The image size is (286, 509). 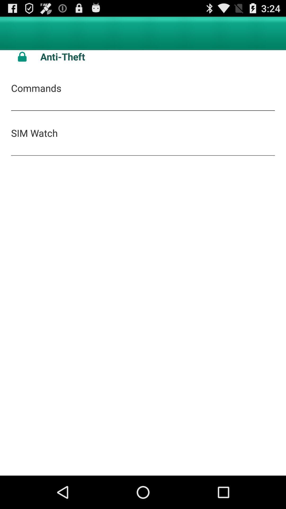 What do you see at coordinates (157, 56) in the screenshot?
I see `icon above the commands icon` at bounding box center [157, 56].